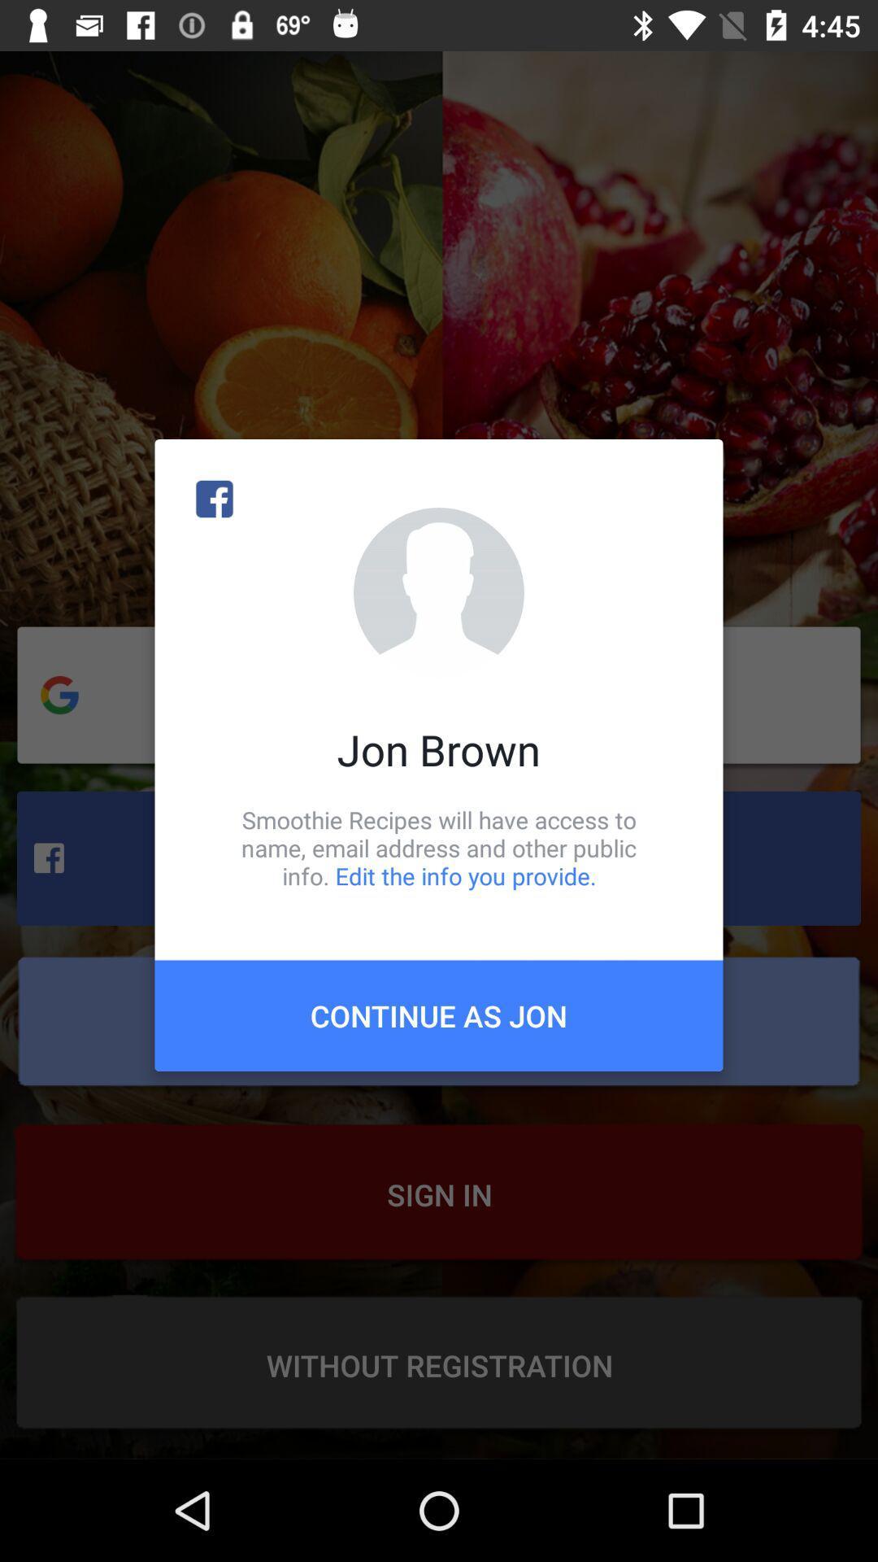 The width and height of the screenshot is (878, 1562). I want to click on continue as jon item, so click(439, 1014).